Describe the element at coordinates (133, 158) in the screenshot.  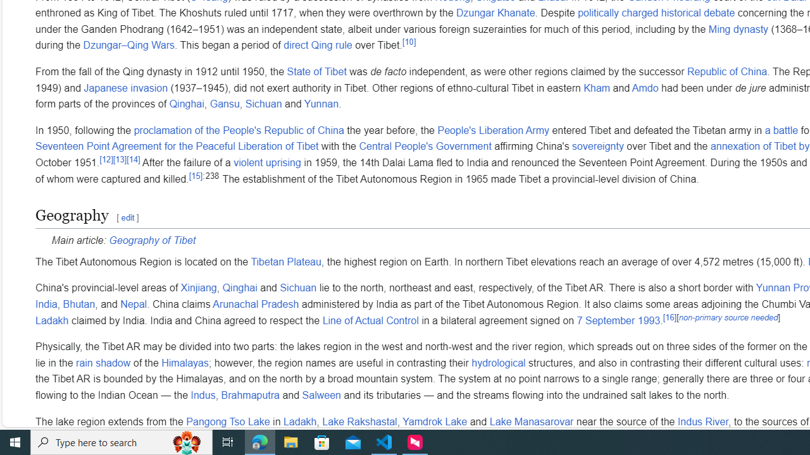
I see `'[14]'` at that location.